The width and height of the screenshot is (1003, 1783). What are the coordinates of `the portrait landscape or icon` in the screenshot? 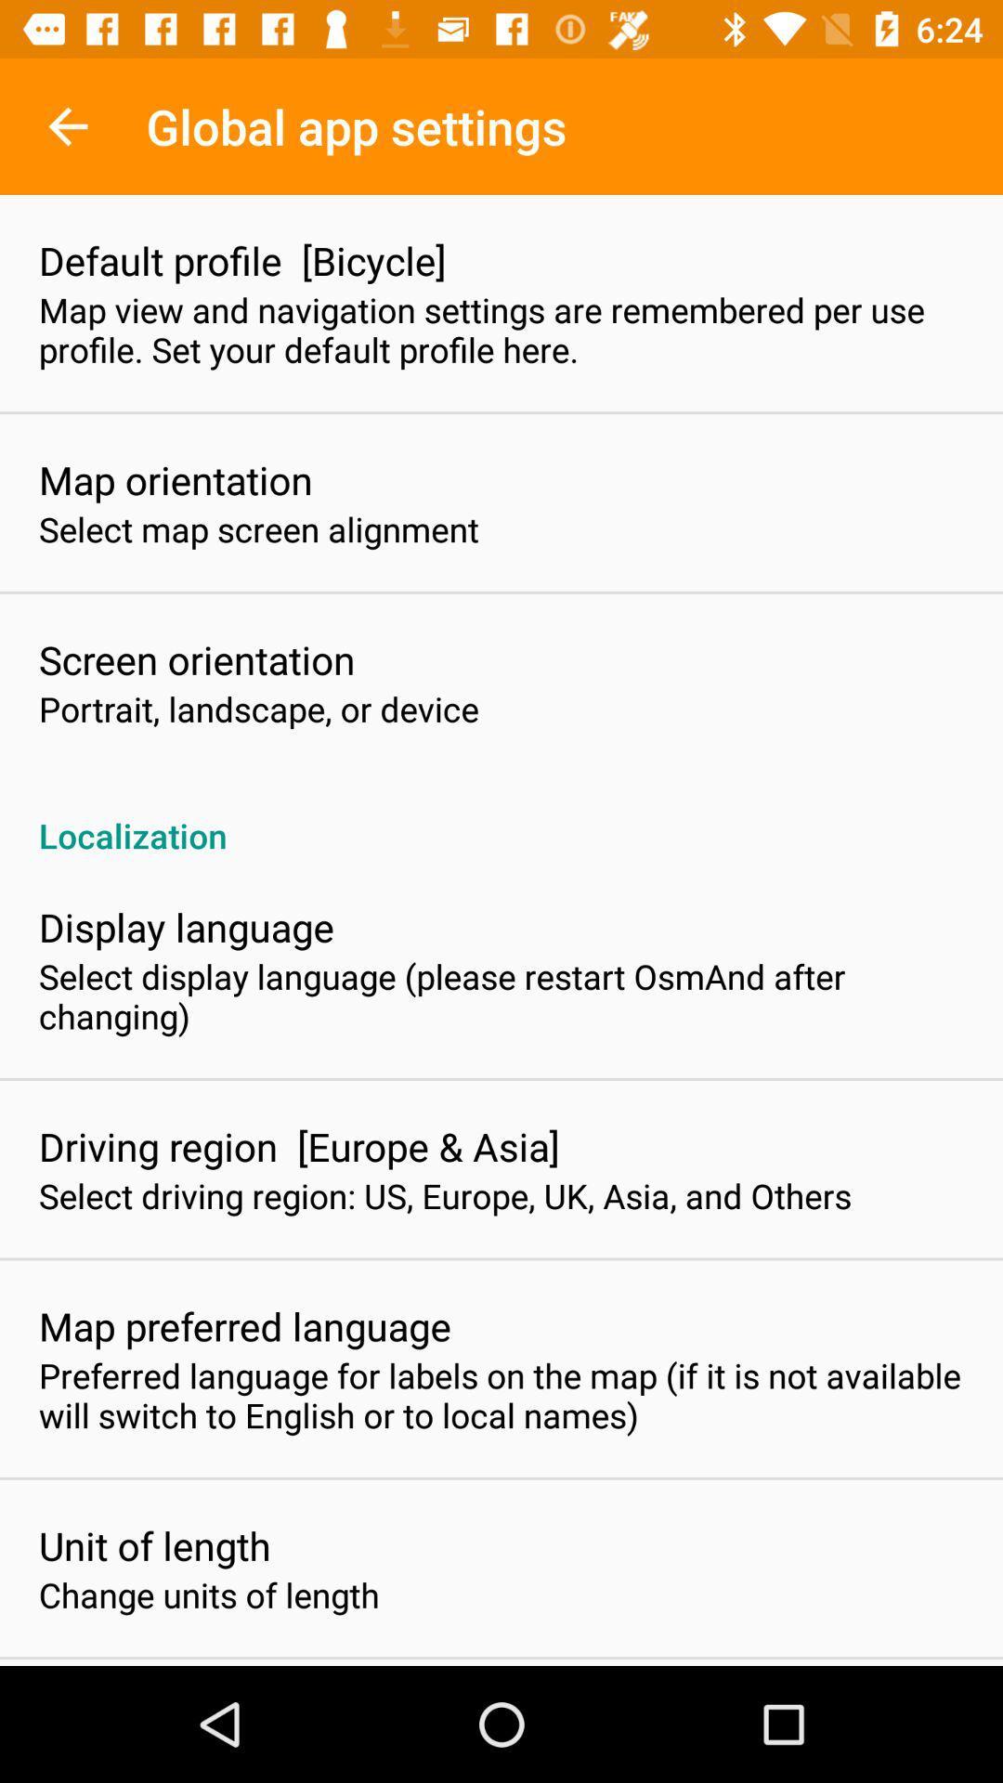 It's located at (258, 708).